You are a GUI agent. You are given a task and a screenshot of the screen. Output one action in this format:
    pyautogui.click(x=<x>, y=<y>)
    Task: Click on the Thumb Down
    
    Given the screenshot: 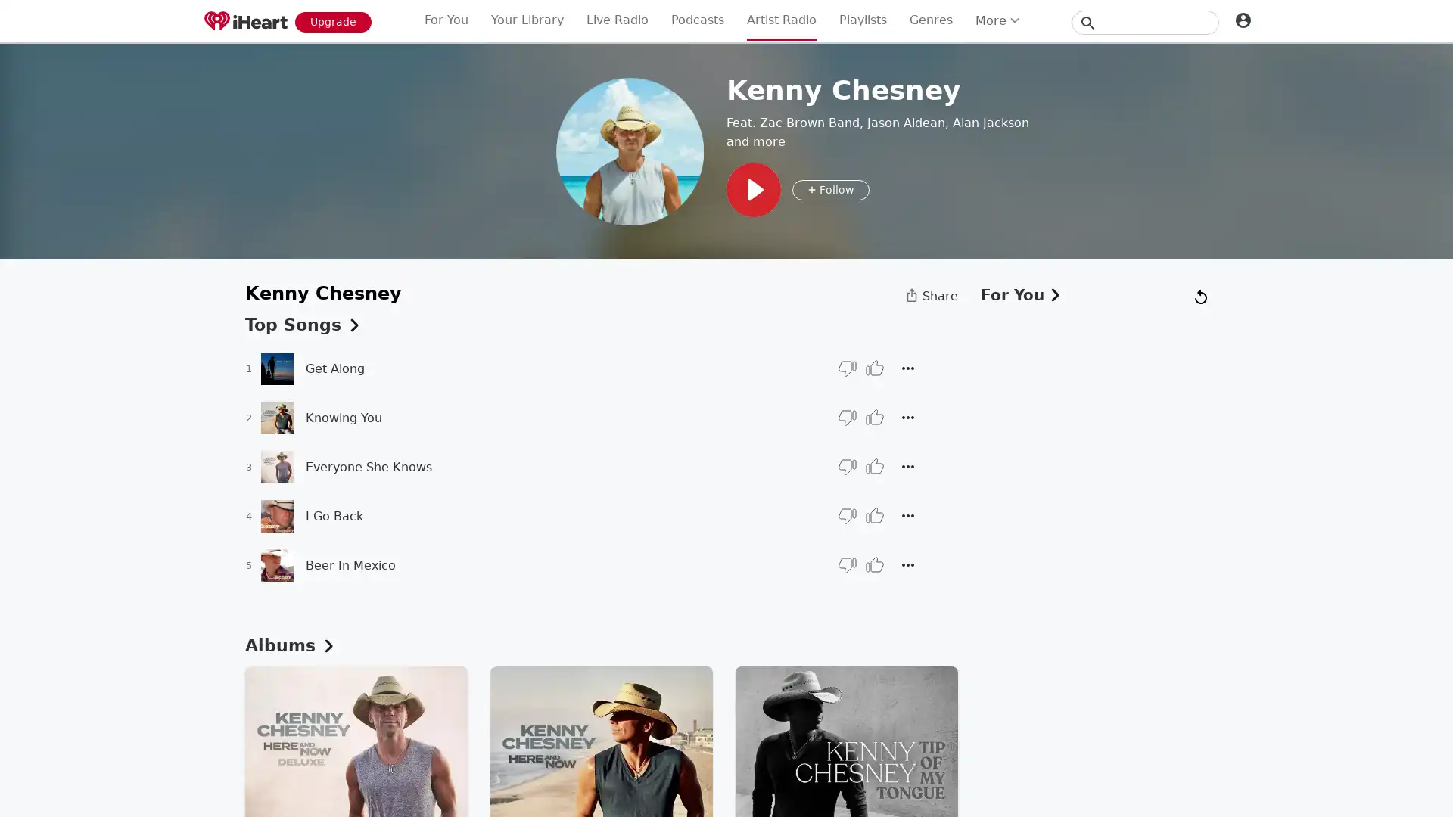 What is the action you would take?
    pyautogui.click(x=846, y=368)
    